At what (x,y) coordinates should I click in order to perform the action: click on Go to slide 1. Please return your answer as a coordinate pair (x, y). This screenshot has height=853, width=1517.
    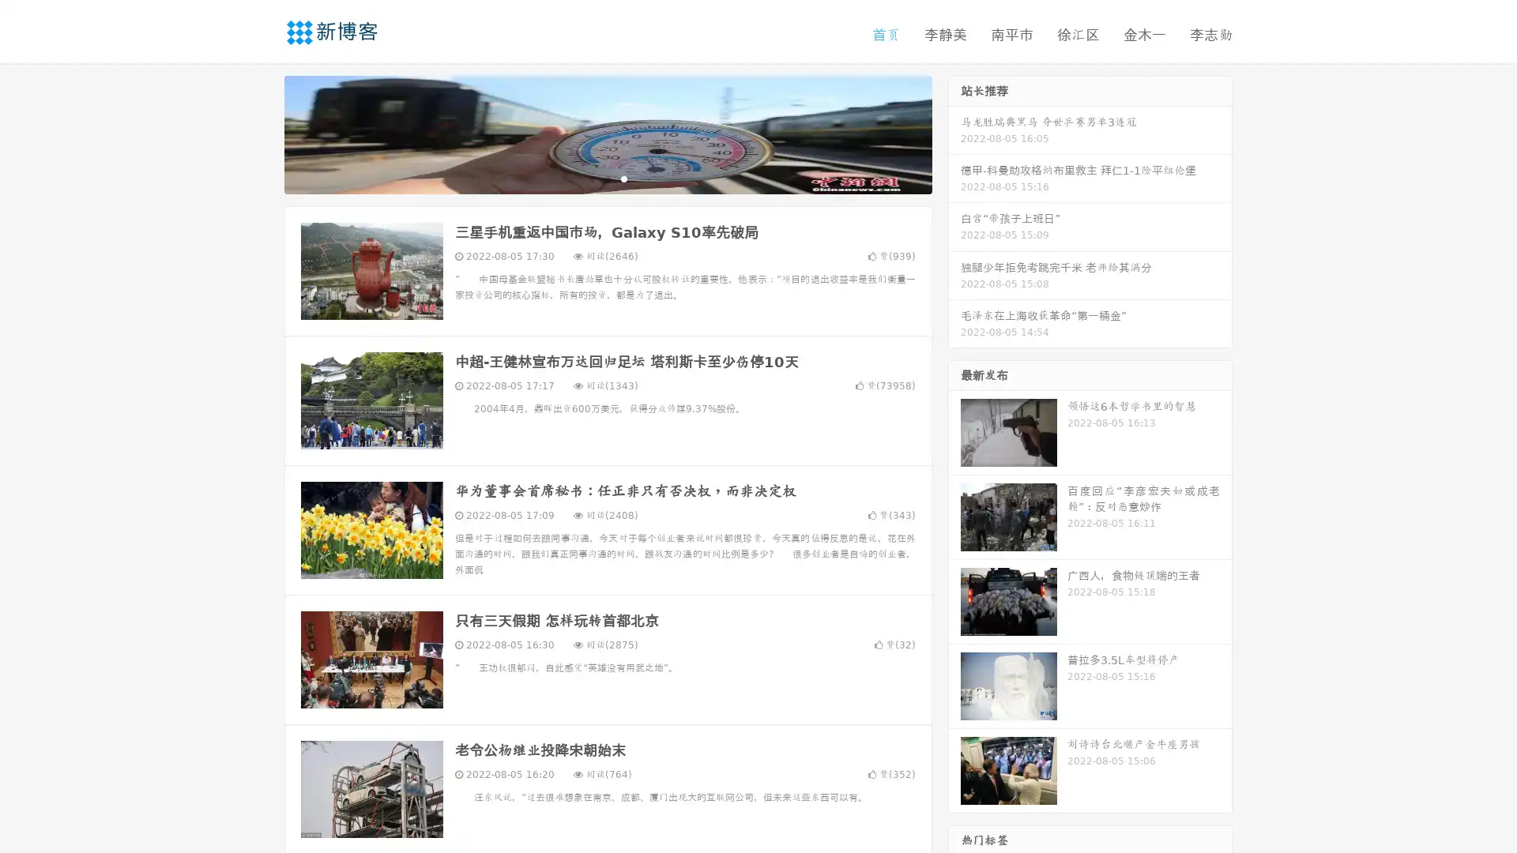
    Looking at the image, I should click on (591, 178).